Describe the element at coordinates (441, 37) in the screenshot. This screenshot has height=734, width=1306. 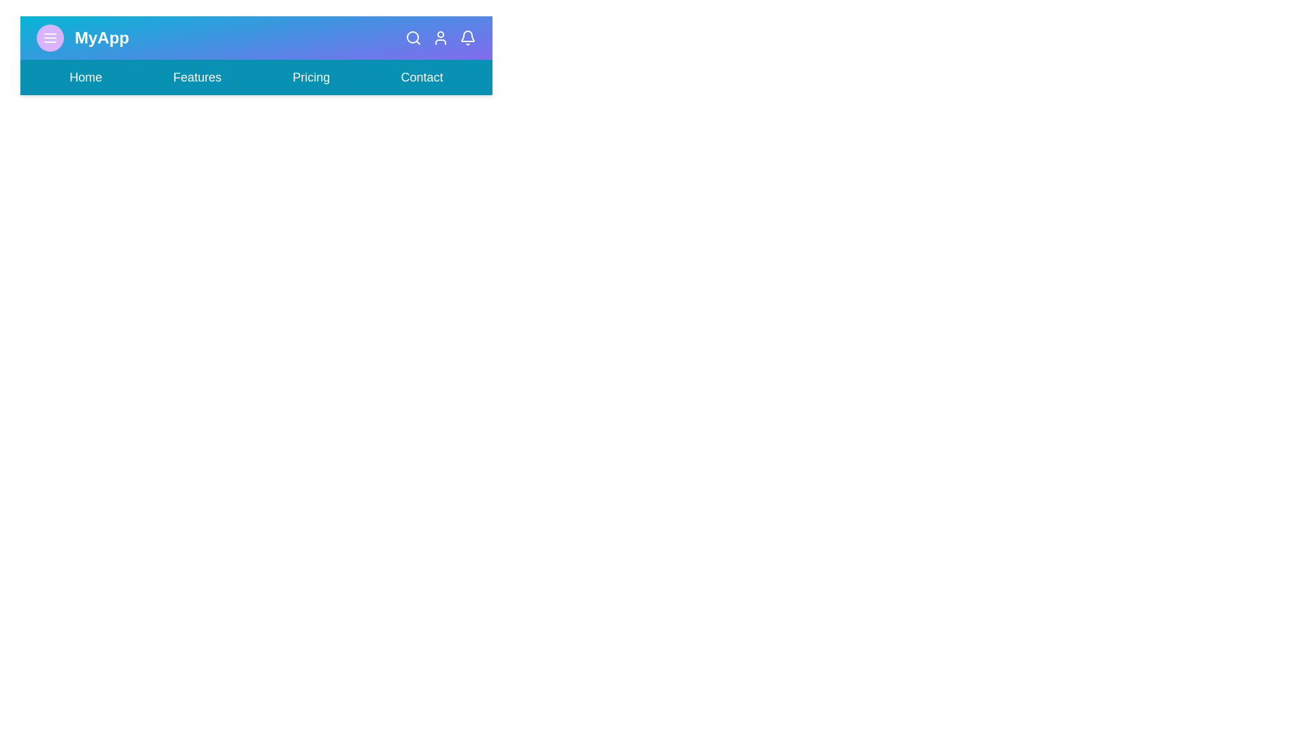
I see `the user icon in the app bar` at that location.